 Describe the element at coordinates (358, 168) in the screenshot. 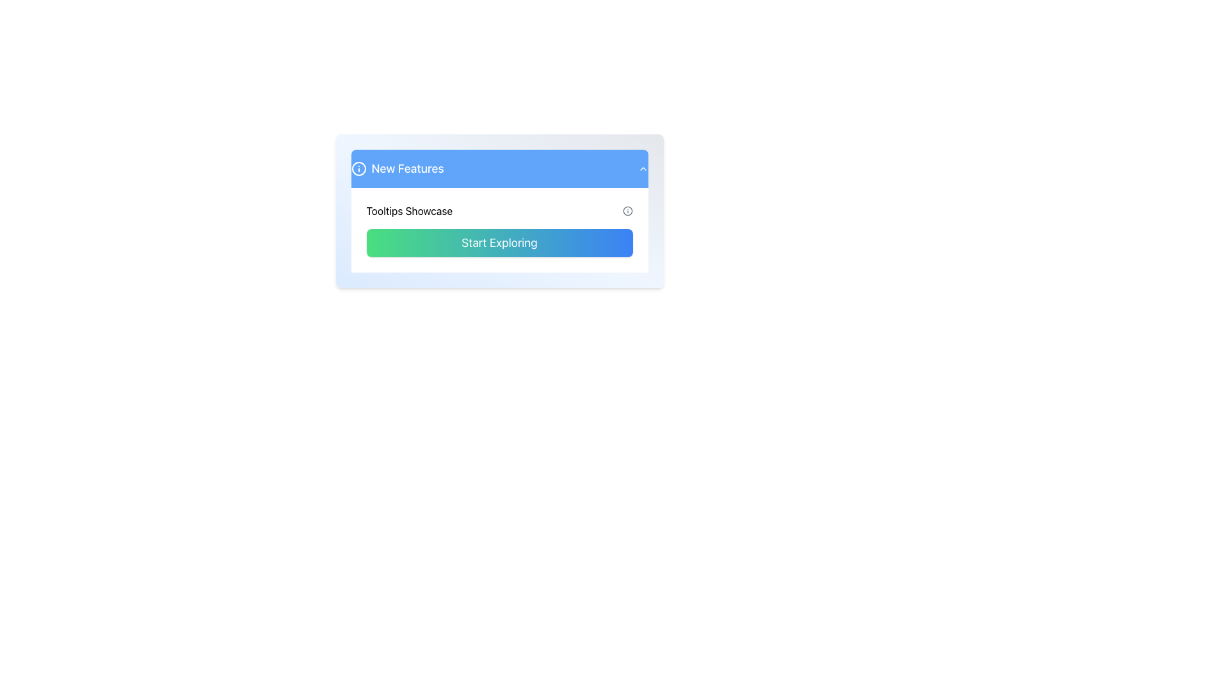

I see `circular SVG element with a filled border located at the top-left corner of the blue header section labeled 'New Features' for debugging purposes` at that location.